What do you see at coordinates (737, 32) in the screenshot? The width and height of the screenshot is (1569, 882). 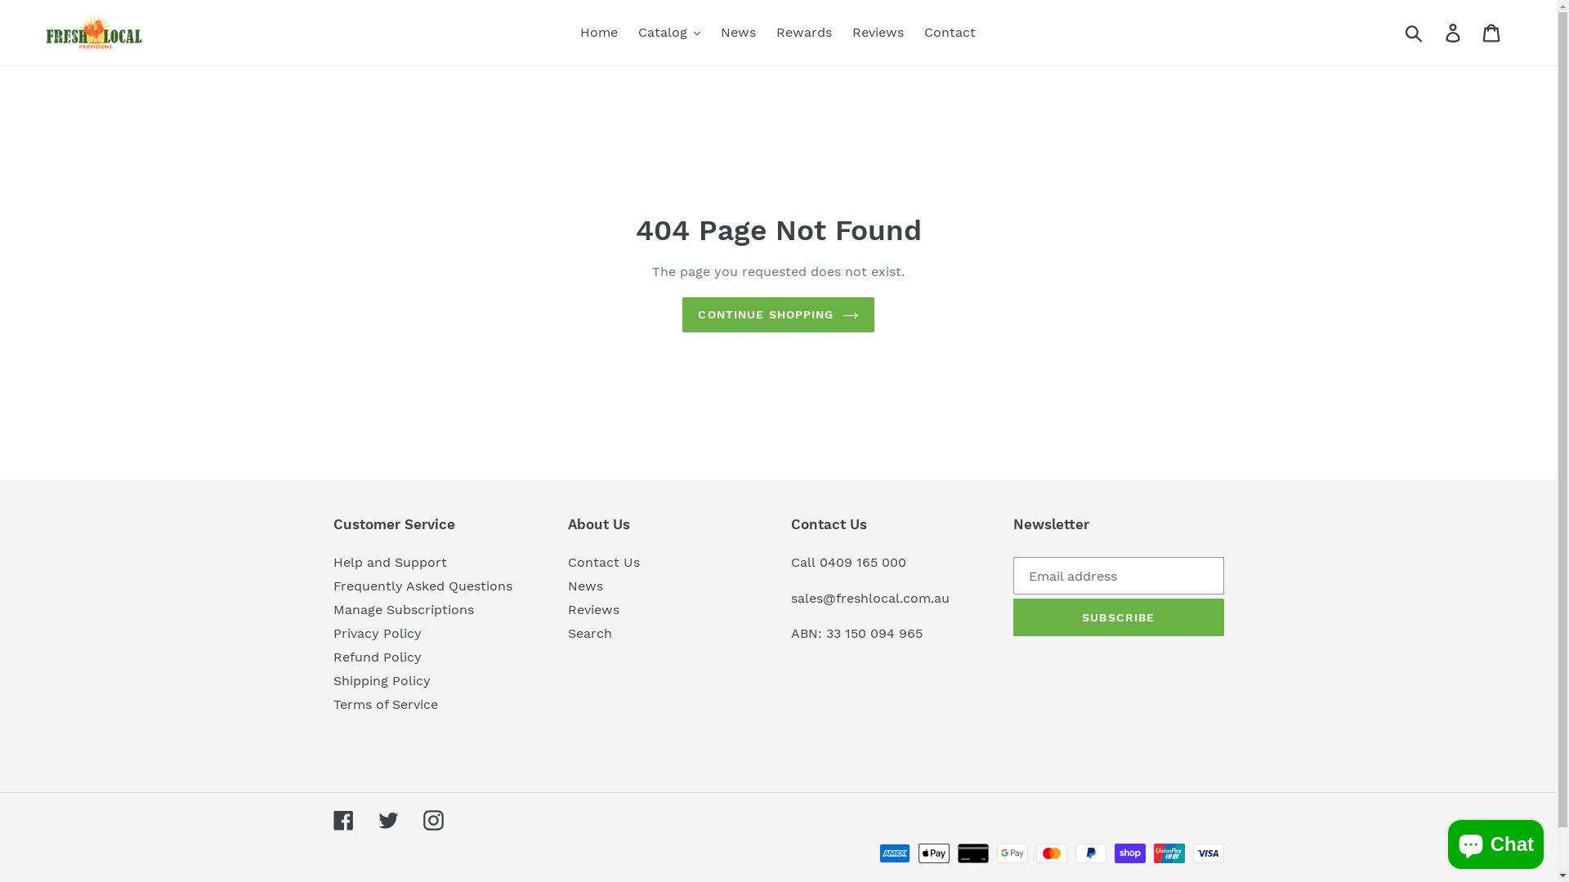 I see `'News'` at bounding box center [737, 32].